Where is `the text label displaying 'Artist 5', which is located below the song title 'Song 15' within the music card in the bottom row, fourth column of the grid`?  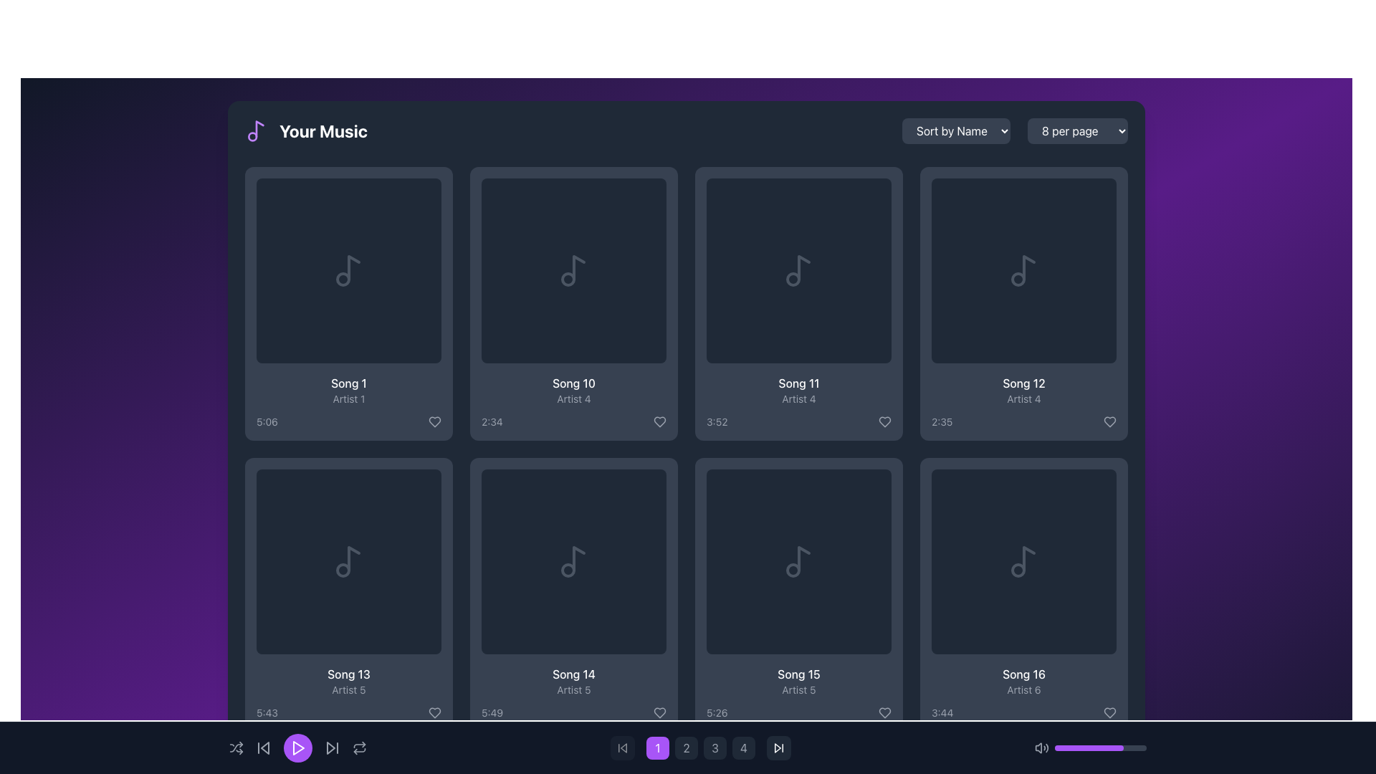 the text label displaying 'Artist 5', which is located below the song title 'Song 15' within the music card in the bottom row, fourth column of the grid is located at coordinates (798, 689).